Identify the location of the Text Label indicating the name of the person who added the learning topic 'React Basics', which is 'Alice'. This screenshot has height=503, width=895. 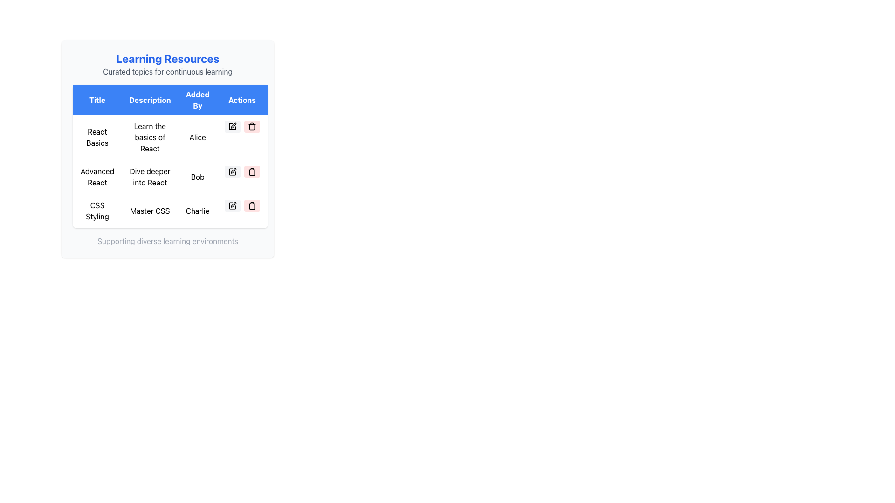
(197, 137).